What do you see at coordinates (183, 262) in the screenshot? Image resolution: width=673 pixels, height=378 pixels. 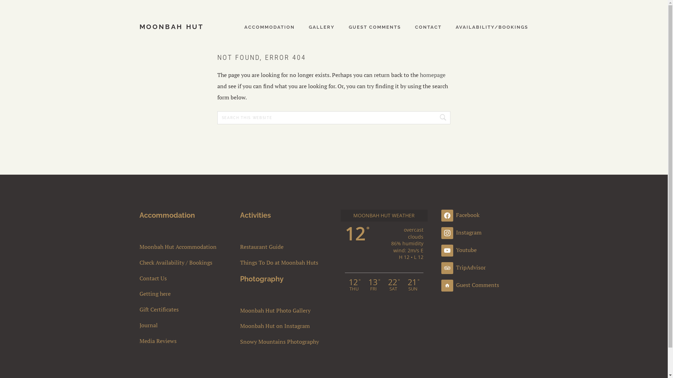 I see `'Check Availability / Bookings'` at bounding box center [183, 262].